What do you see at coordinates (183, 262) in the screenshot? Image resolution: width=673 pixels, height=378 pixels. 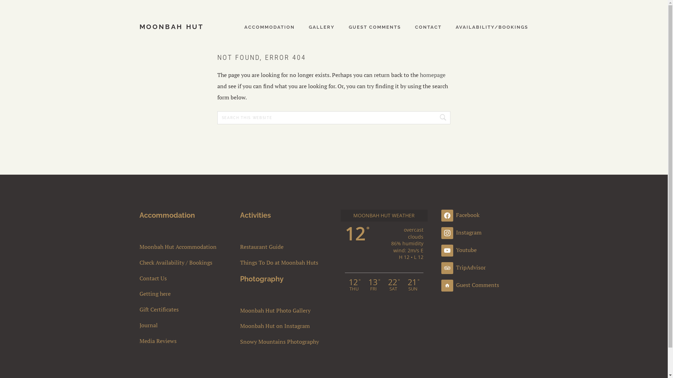 I see `'Check Availability / Bookings'` at bounding box center [183, 262].